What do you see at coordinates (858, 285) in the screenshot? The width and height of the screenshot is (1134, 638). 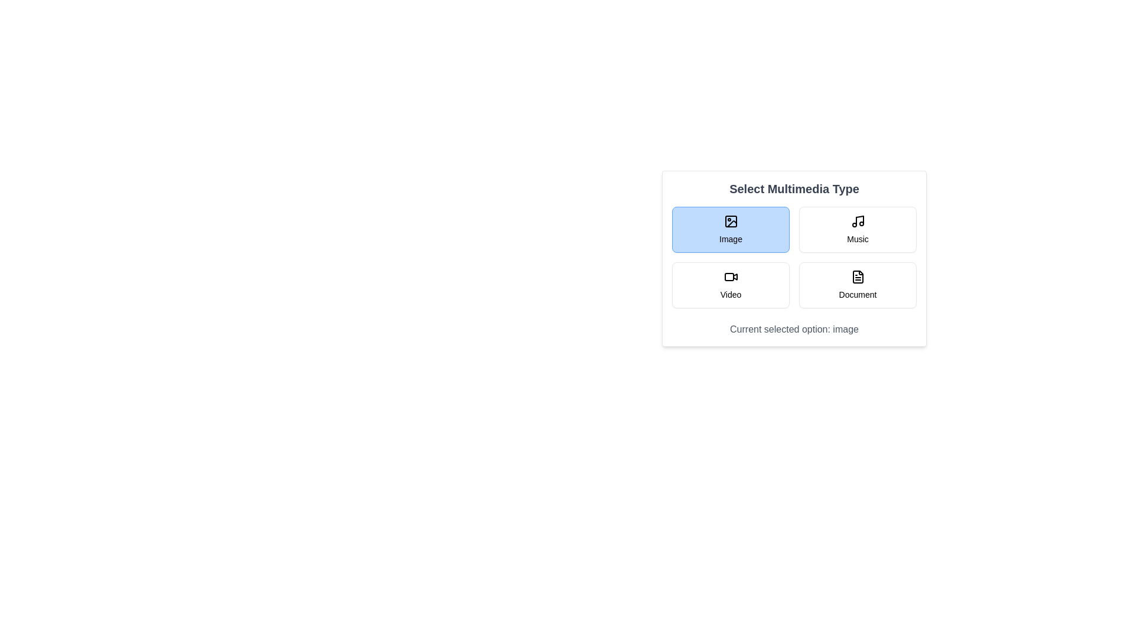 I see `the multimedia type Document by clicking the corresponding button` at bounding box center [858, 285].